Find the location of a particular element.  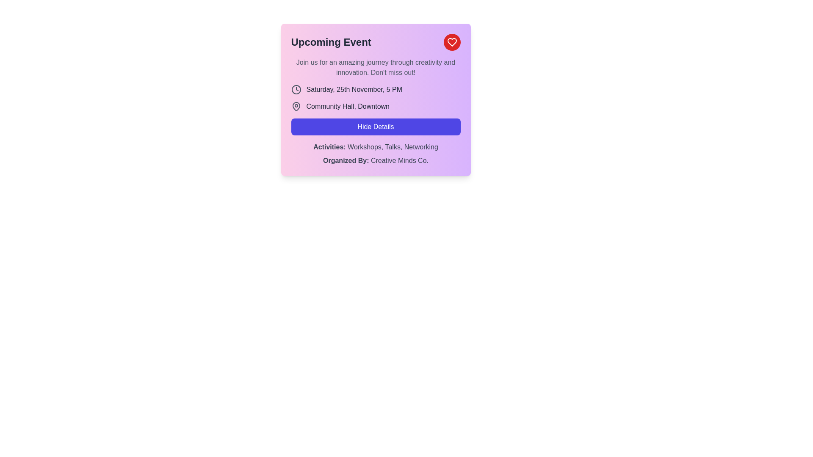

the interactive button in the top-right corner of the 'Upcoming Event' card to express interest or mark it as a favorite is located at coordinates (451, 42).